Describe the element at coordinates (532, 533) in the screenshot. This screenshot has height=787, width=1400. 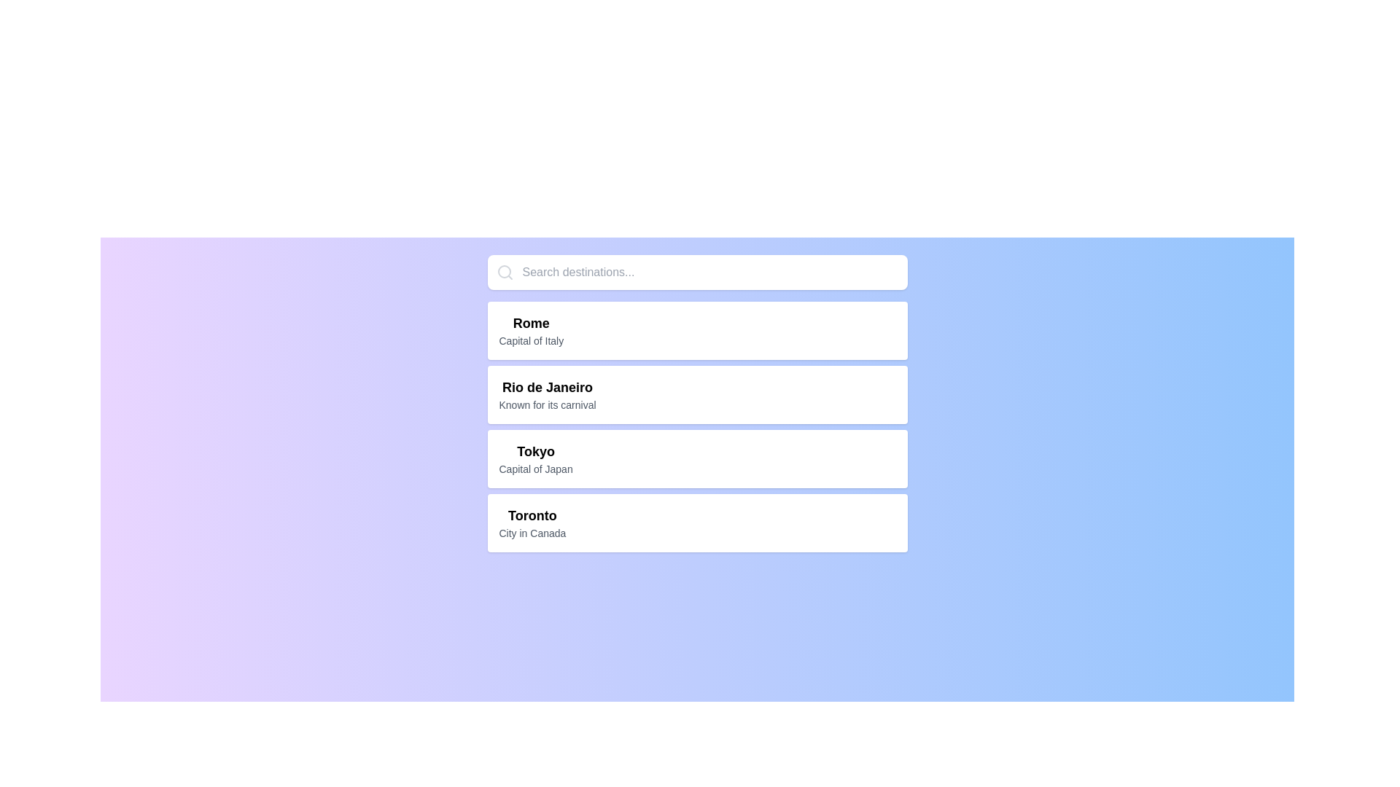
I see `the text label reading 'City in Canada', which is styled with a light-gray font and located directly below the bold text 'Toronto' in the fourth card of city details` at that location.